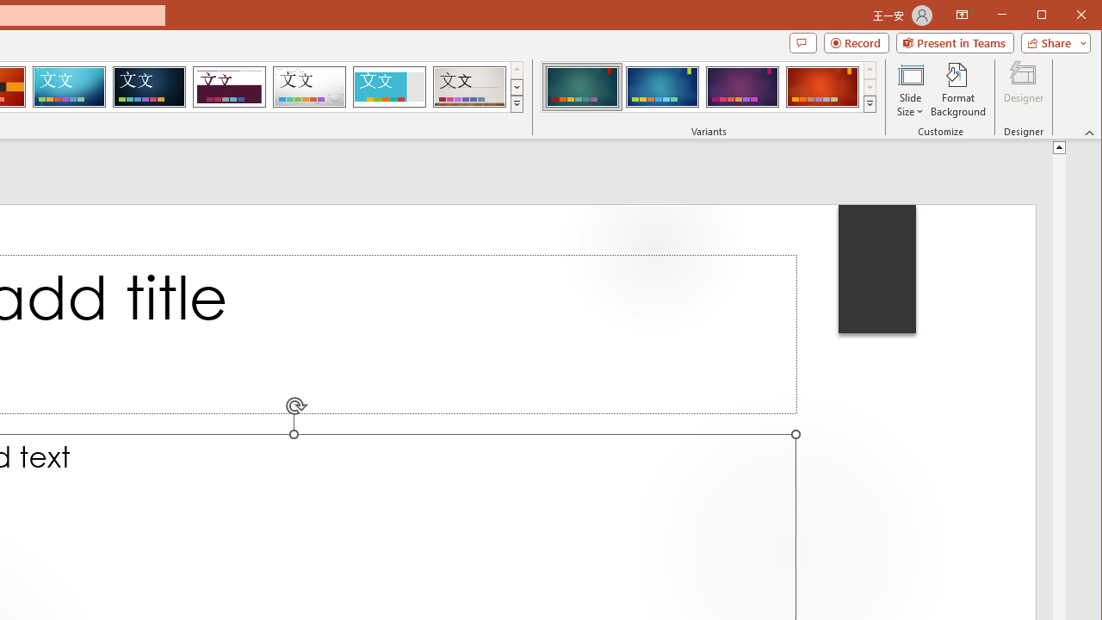  What do you see at coordinates (709, 87) in the screenshot?
I see `'AutomationID: ThemeVariantsGallery'` at bounding box center [709, 87].